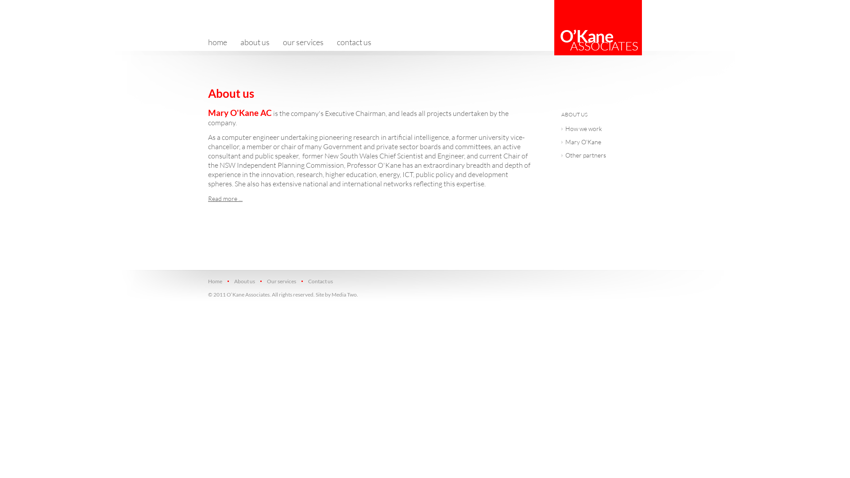  I want to click on 'Contact us', so click(319, 281).